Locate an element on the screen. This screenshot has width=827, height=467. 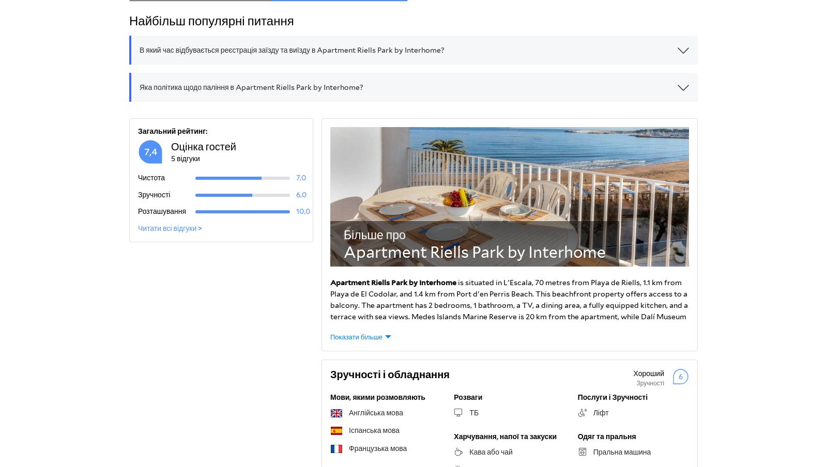
'Загальний рейтинг:' is located at coordinates (172, 131).